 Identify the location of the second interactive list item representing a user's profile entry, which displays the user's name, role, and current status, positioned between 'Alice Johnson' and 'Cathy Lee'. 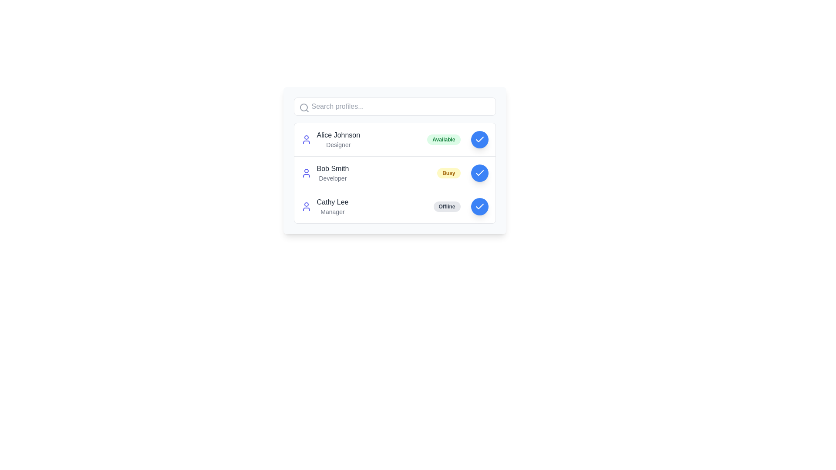
(394, 173).